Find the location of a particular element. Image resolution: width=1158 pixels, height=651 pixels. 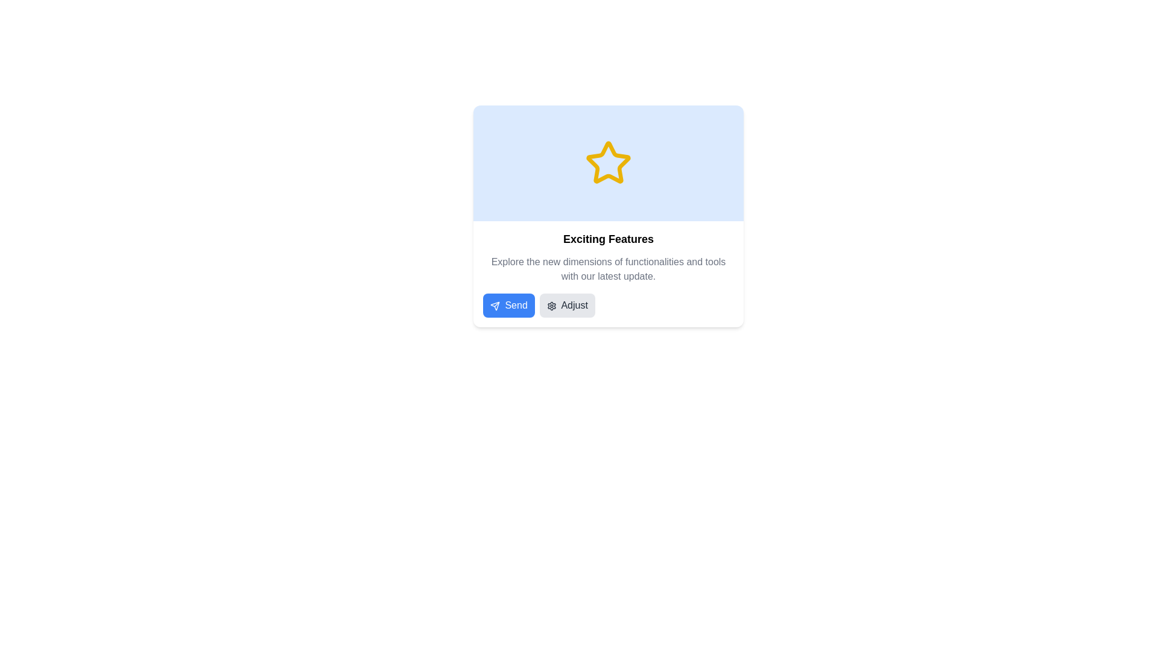

the text block that reads 'Explore the new dimensions of functionalities and tools with our latest update.', which is styled with gray color and located below the 'Exciting Features' heading is located at coordinates (608, 269).